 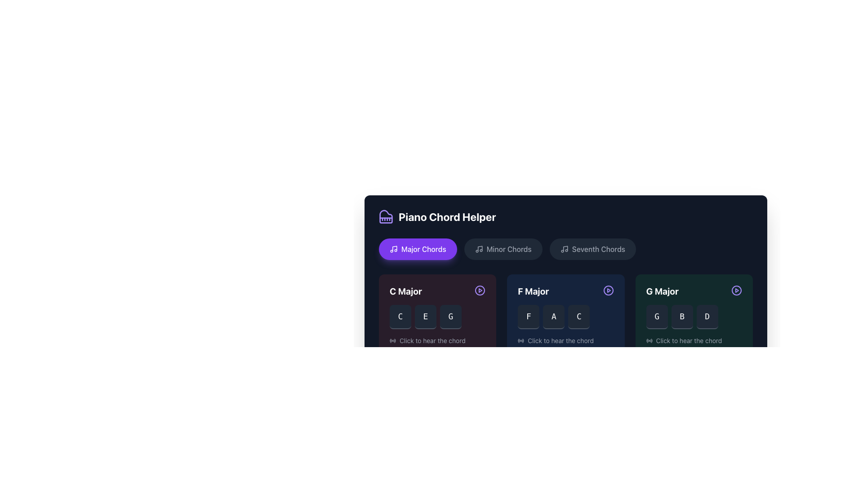 What do you see at coordinates (707, 316) in the screenshot?
I see `the musical note button in the 'G Major' group, which is the third button in a horizontal sequence of three, located to the right of the 'G' and 'B' buttons` at bounding box center [707, 316].